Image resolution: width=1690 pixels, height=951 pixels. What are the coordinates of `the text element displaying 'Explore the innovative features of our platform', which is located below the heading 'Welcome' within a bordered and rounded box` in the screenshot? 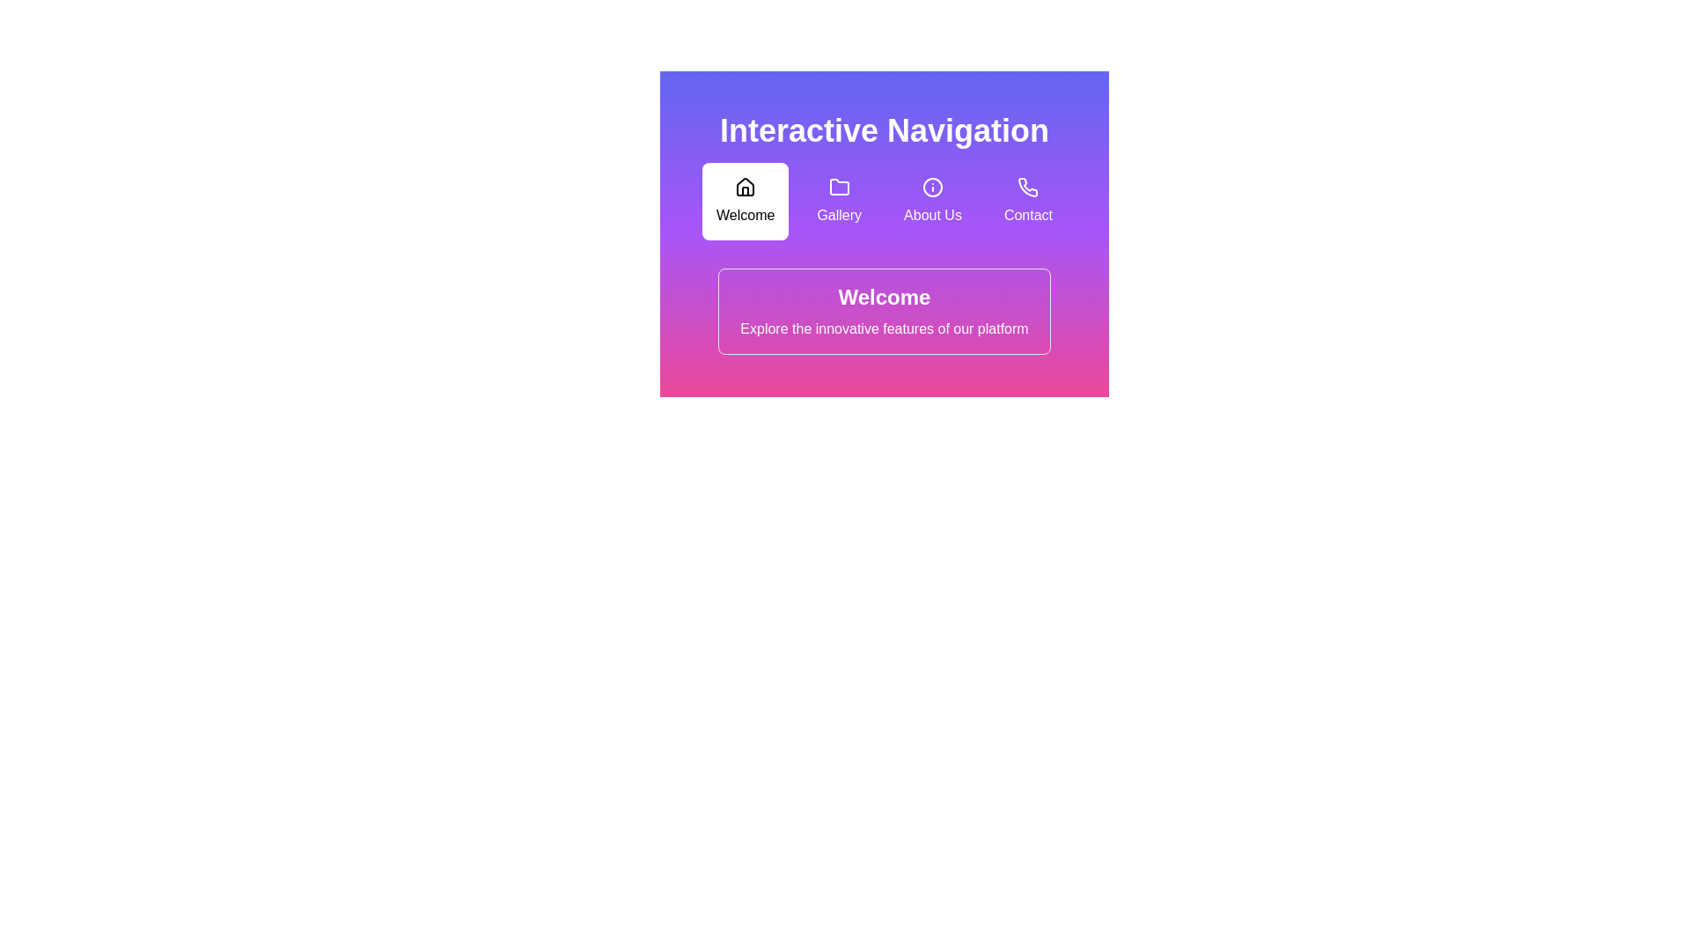 It's located at (884, 329).